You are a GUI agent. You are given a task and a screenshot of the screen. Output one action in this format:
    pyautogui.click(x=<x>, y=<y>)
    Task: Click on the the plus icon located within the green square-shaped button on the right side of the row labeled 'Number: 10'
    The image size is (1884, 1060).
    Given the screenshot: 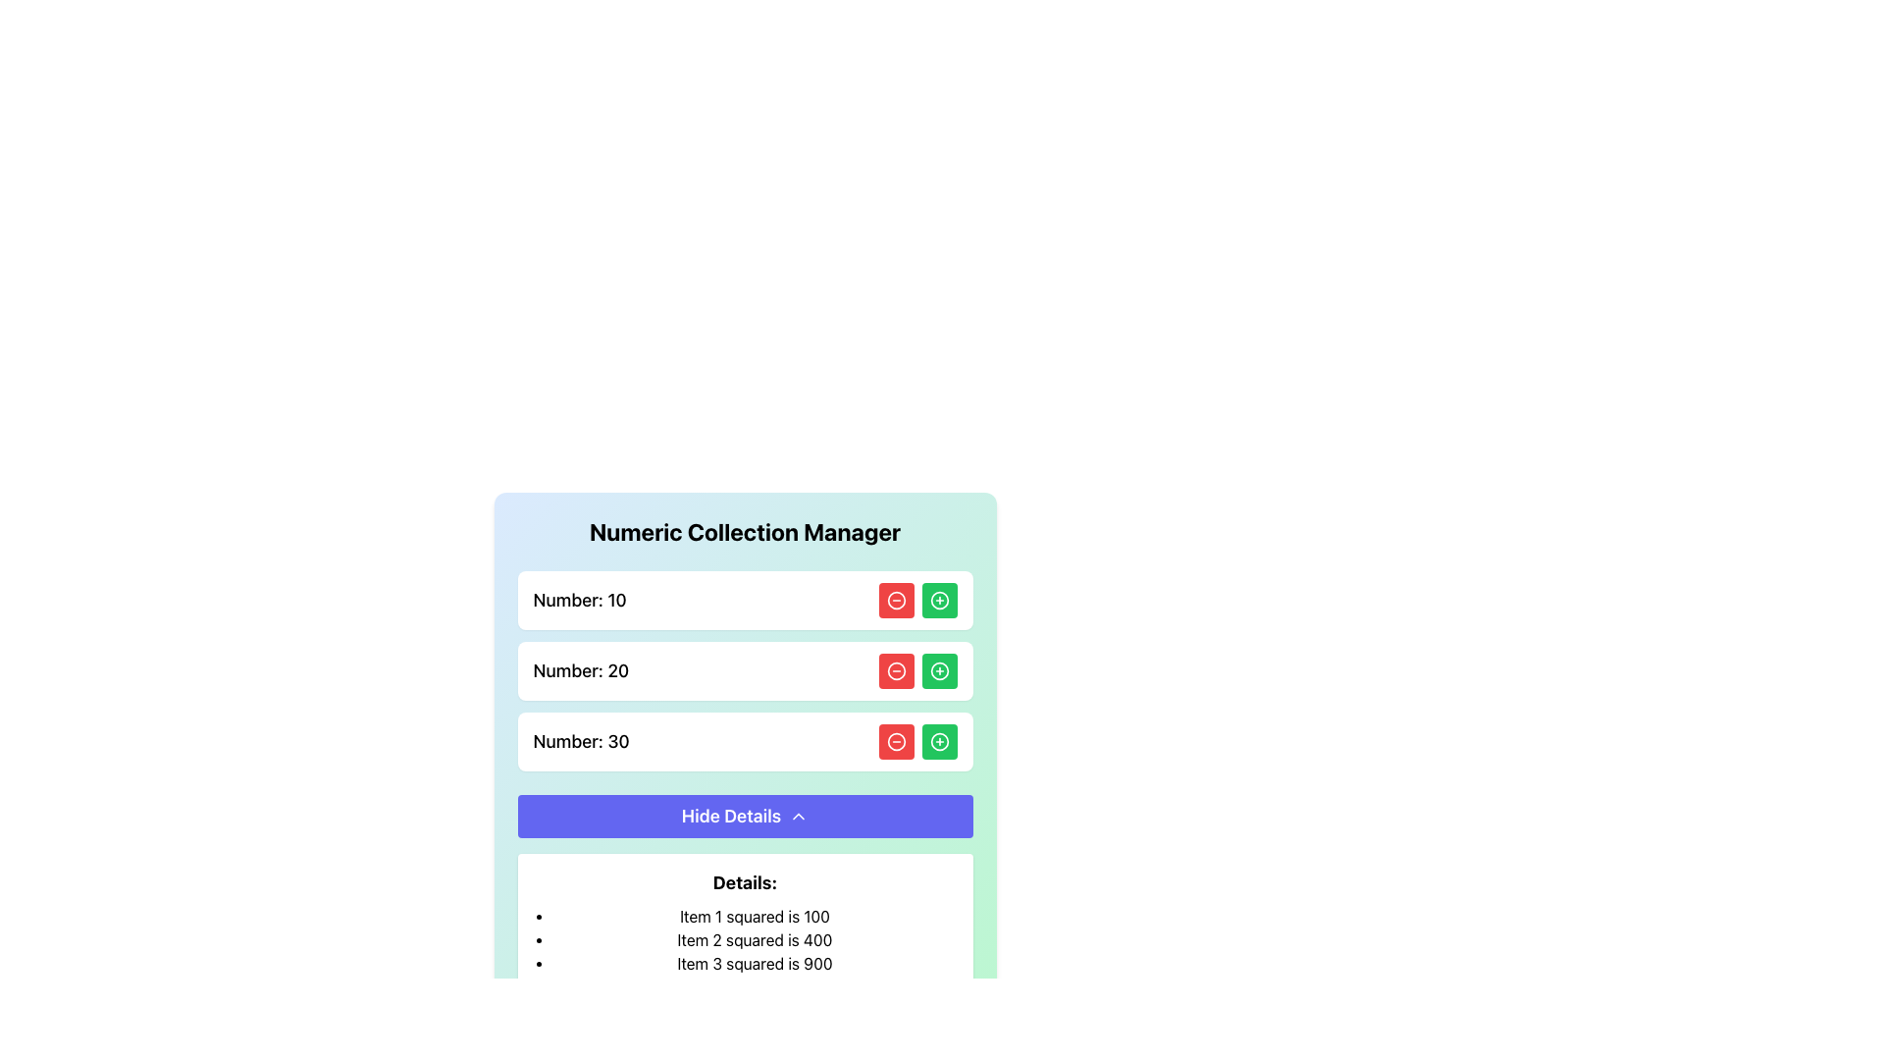 What is the action you would take?
    pyautogui.click(x=938, y=600)
    